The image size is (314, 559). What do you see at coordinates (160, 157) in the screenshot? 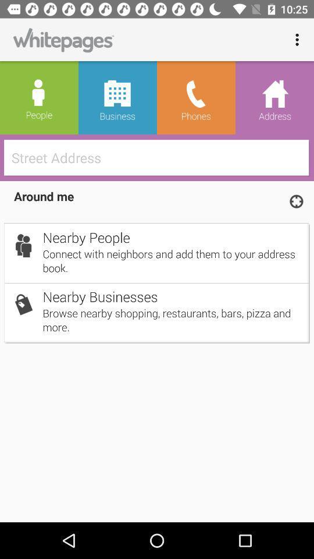
I see `the icon above the around me` at bounding box center [160, 157].